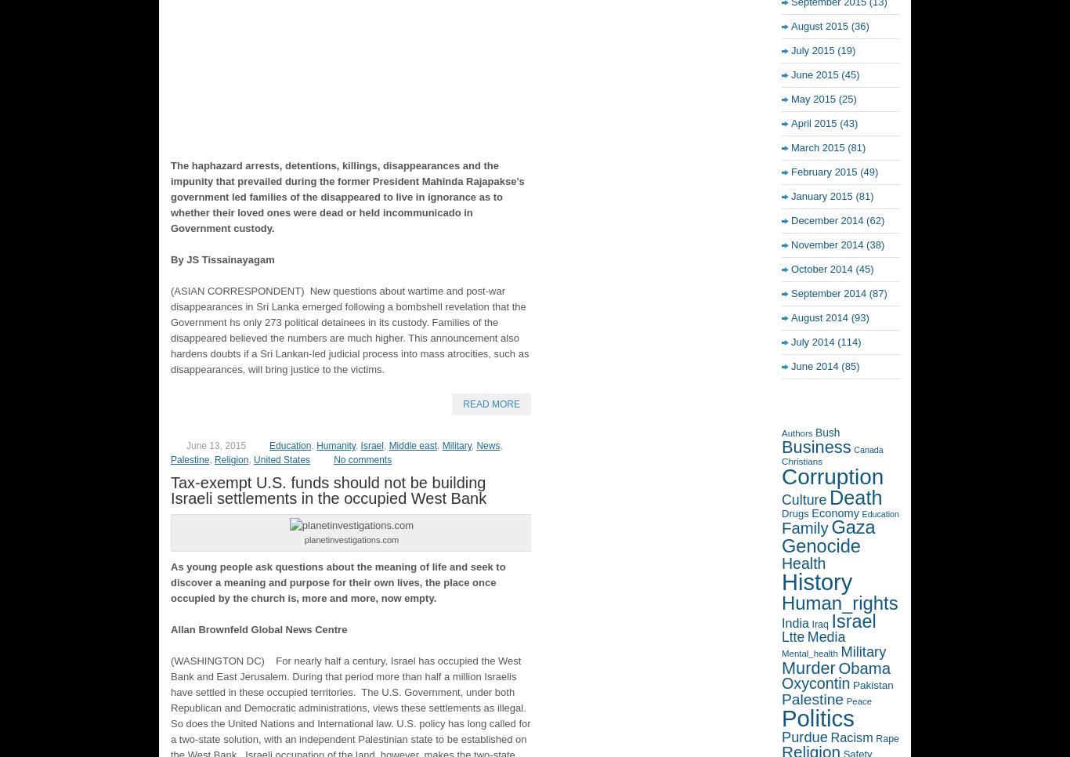 The width and height of the screenshot is (1070, 757). I want to click on 'January 2015', so click(820, 196).